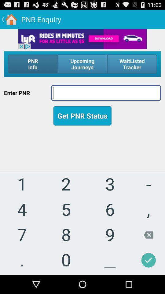 This screenshot has height=294, width=165. Describe the element at coordinates (82, 206) in the screenshot. I see `enlarge the number pad` at that location.